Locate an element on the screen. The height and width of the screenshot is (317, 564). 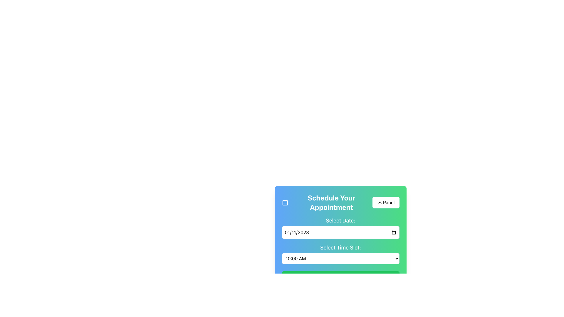
the dropdown menu located beneath the 'Select Date' dropdown is located at coordinates (340, 253).